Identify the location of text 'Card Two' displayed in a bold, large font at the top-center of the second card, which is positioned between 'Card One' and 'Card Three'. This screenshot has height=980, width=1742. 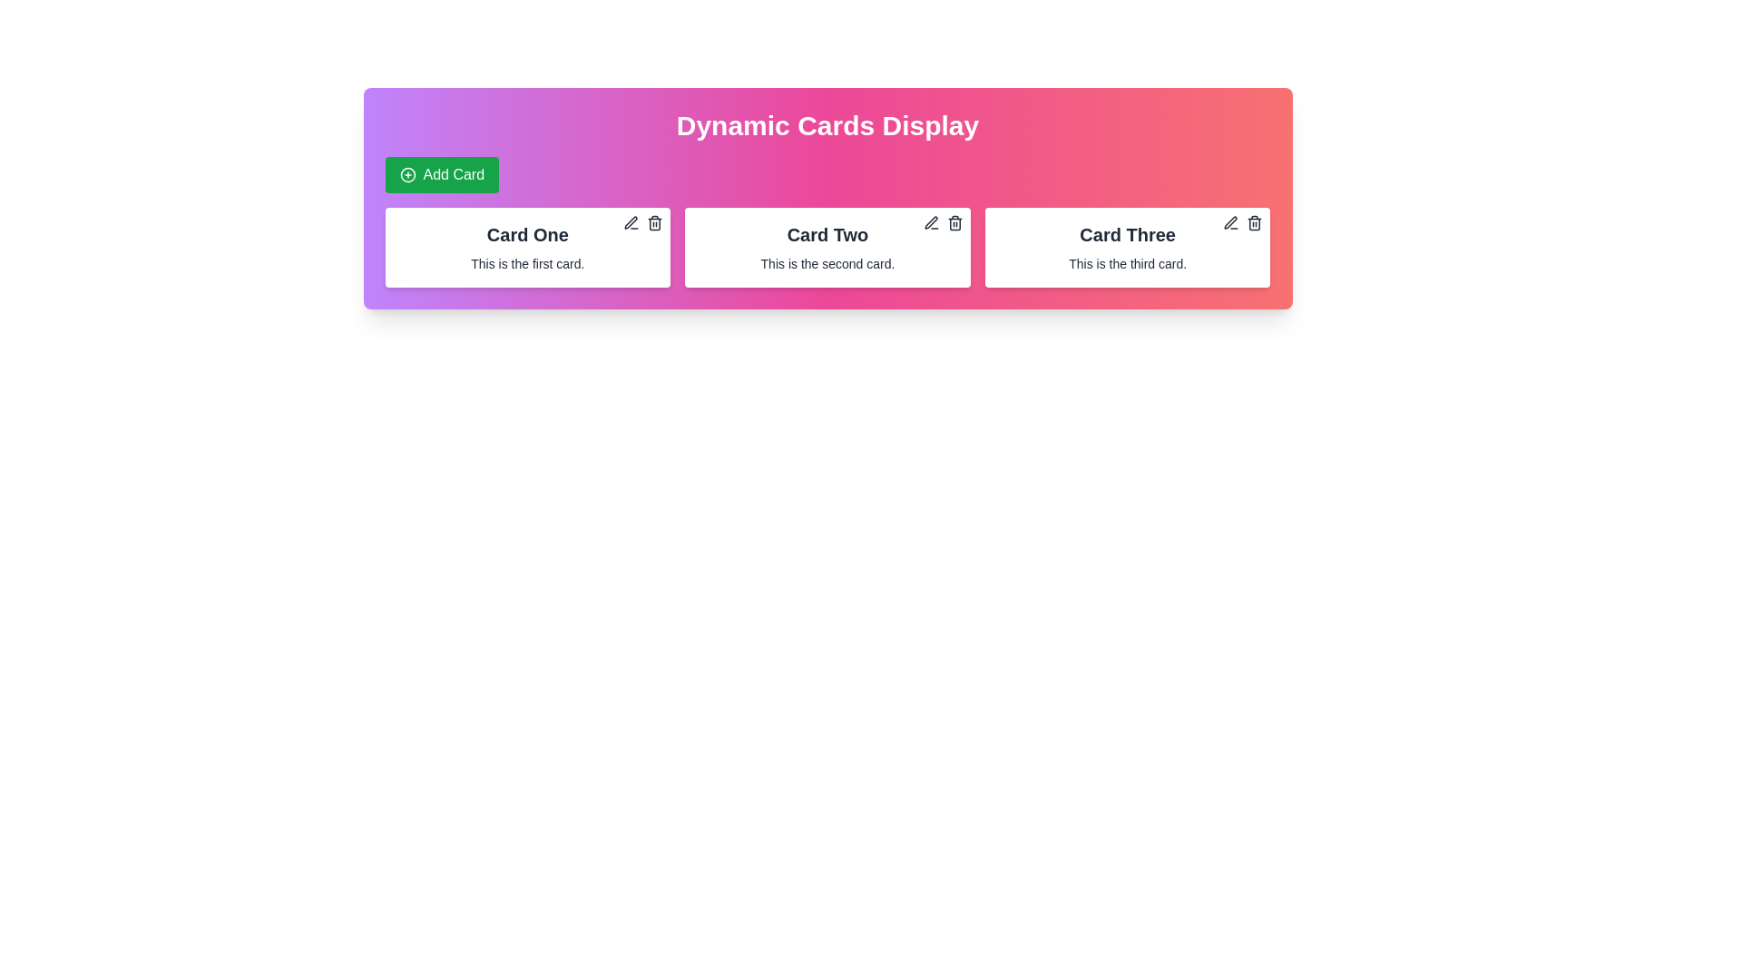
(827, 233).